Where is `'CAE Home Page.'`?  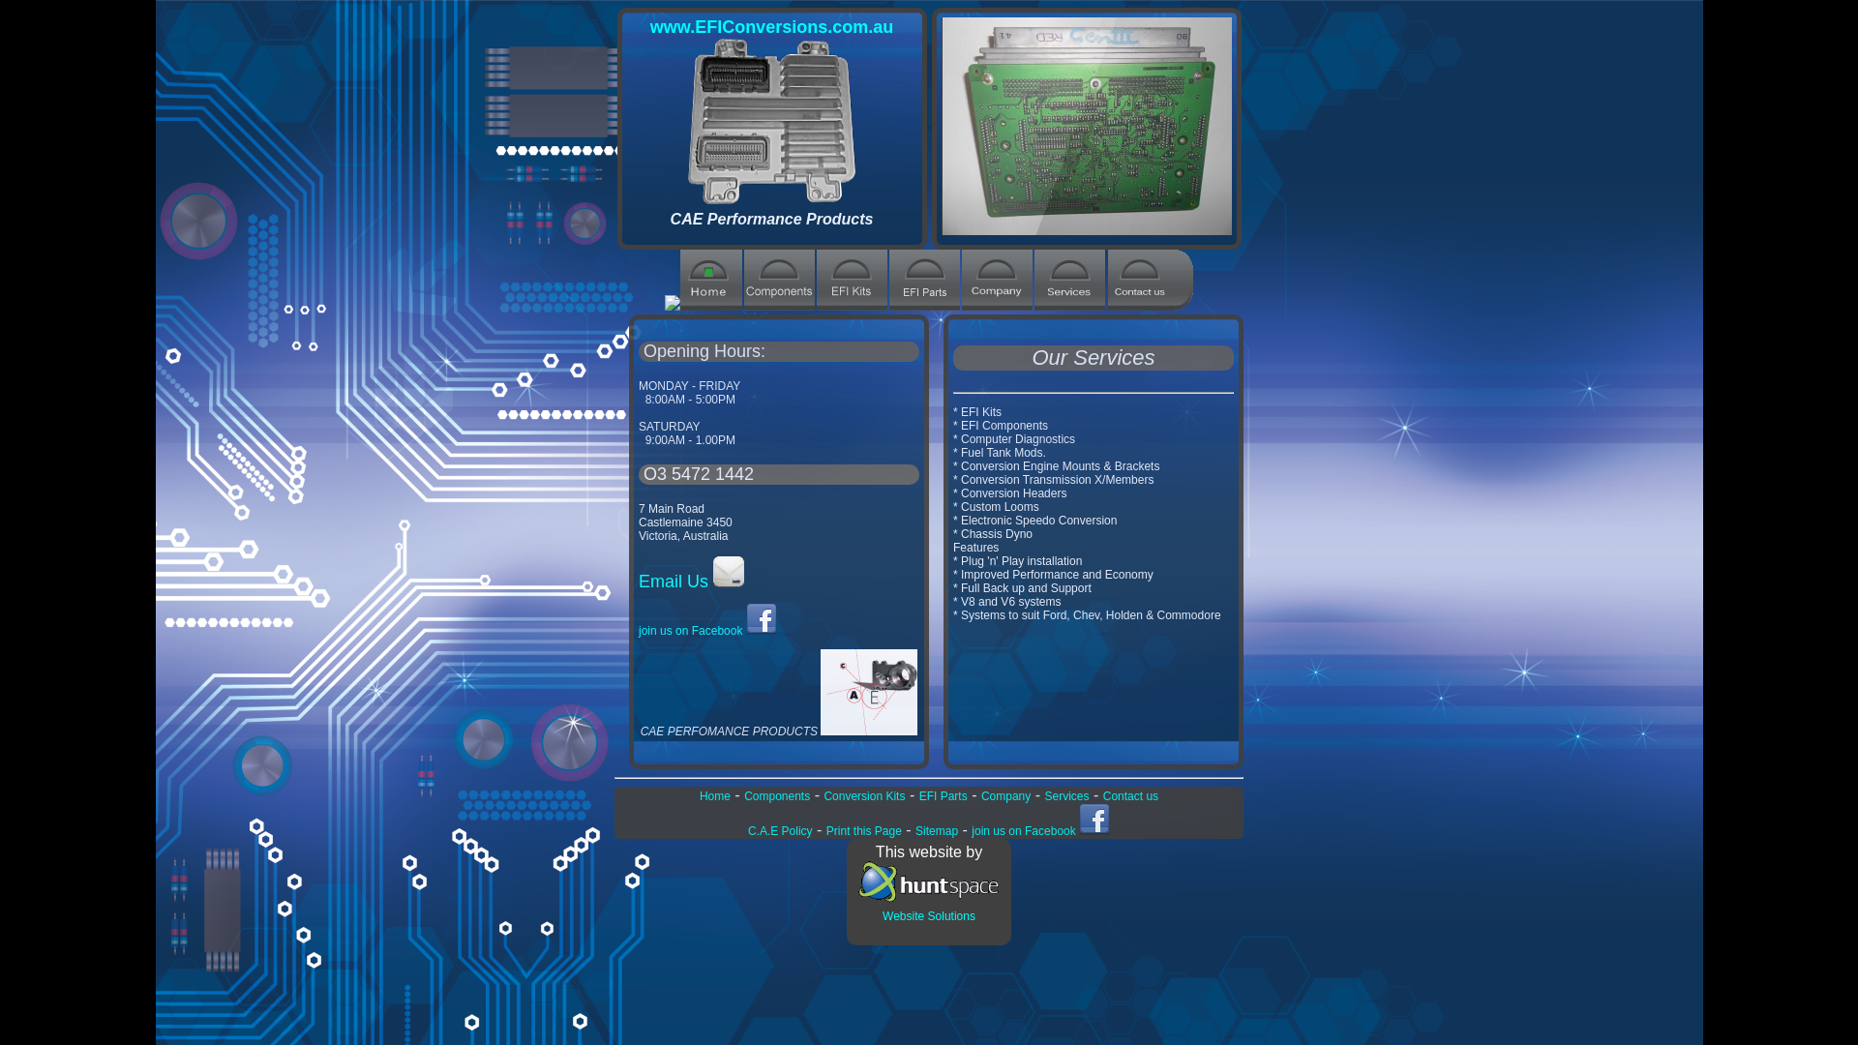
'CAE Home Page.' is located at coordinates (709, 305).